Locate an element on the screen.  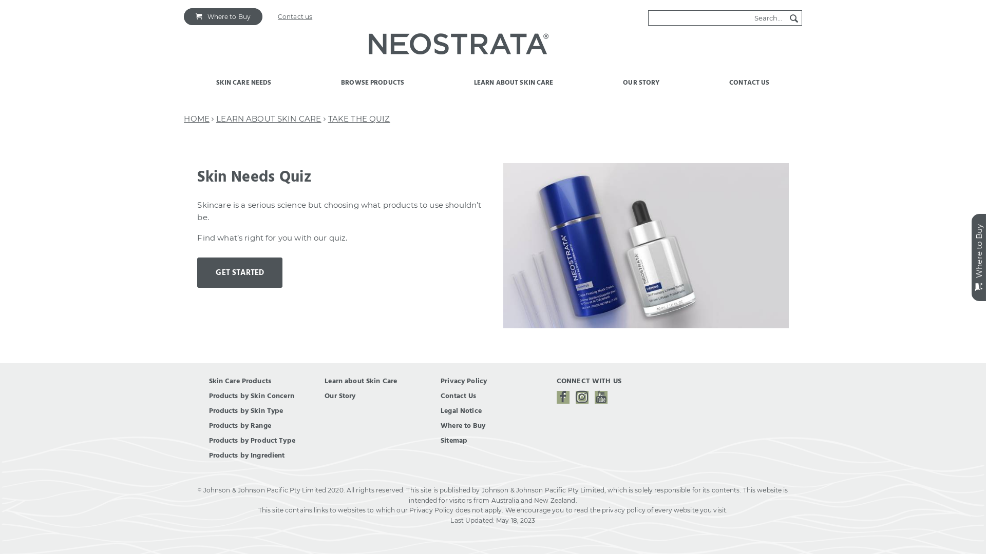
'Learn about Skin Care' is located at coordinates (361, 381).